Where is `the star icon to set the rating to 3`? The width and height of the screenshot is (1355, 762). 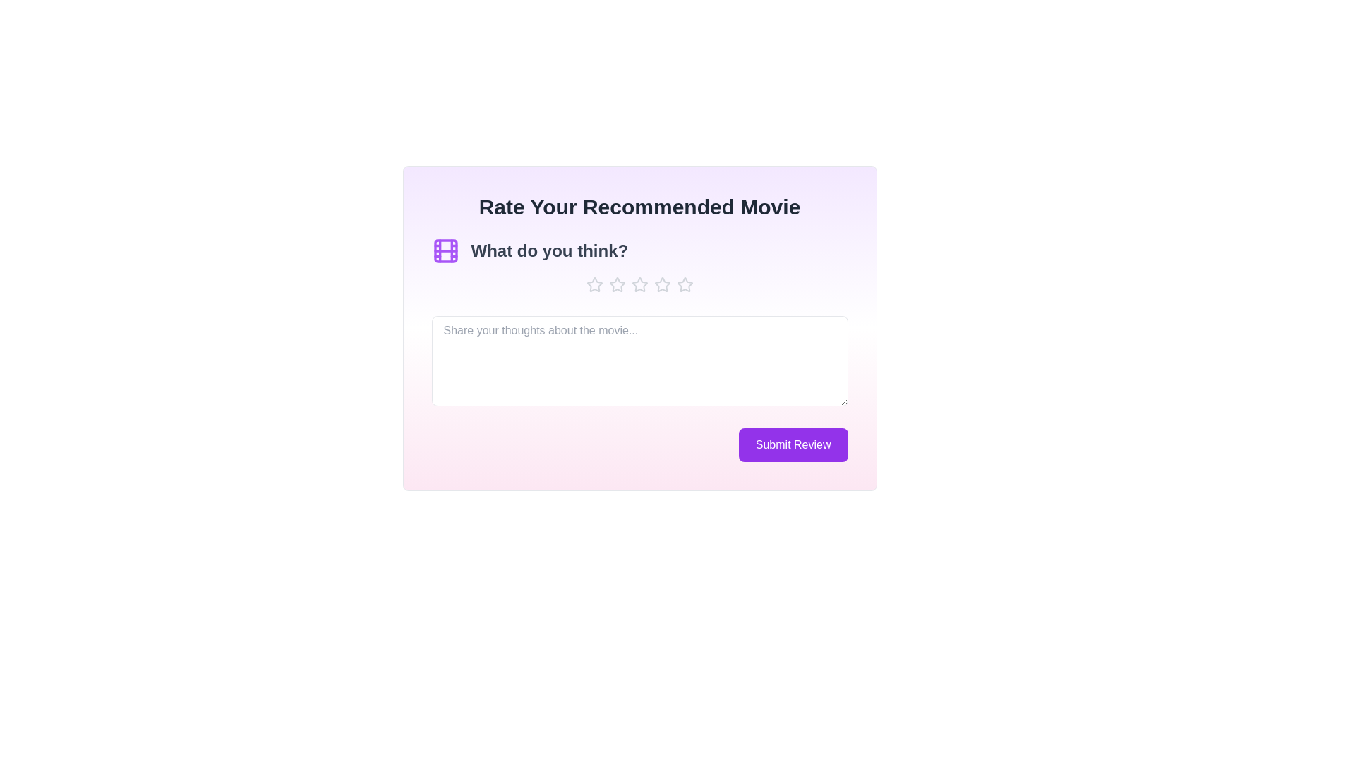 the star icon to set the rating to 3 is located at coordinates (639, 285).